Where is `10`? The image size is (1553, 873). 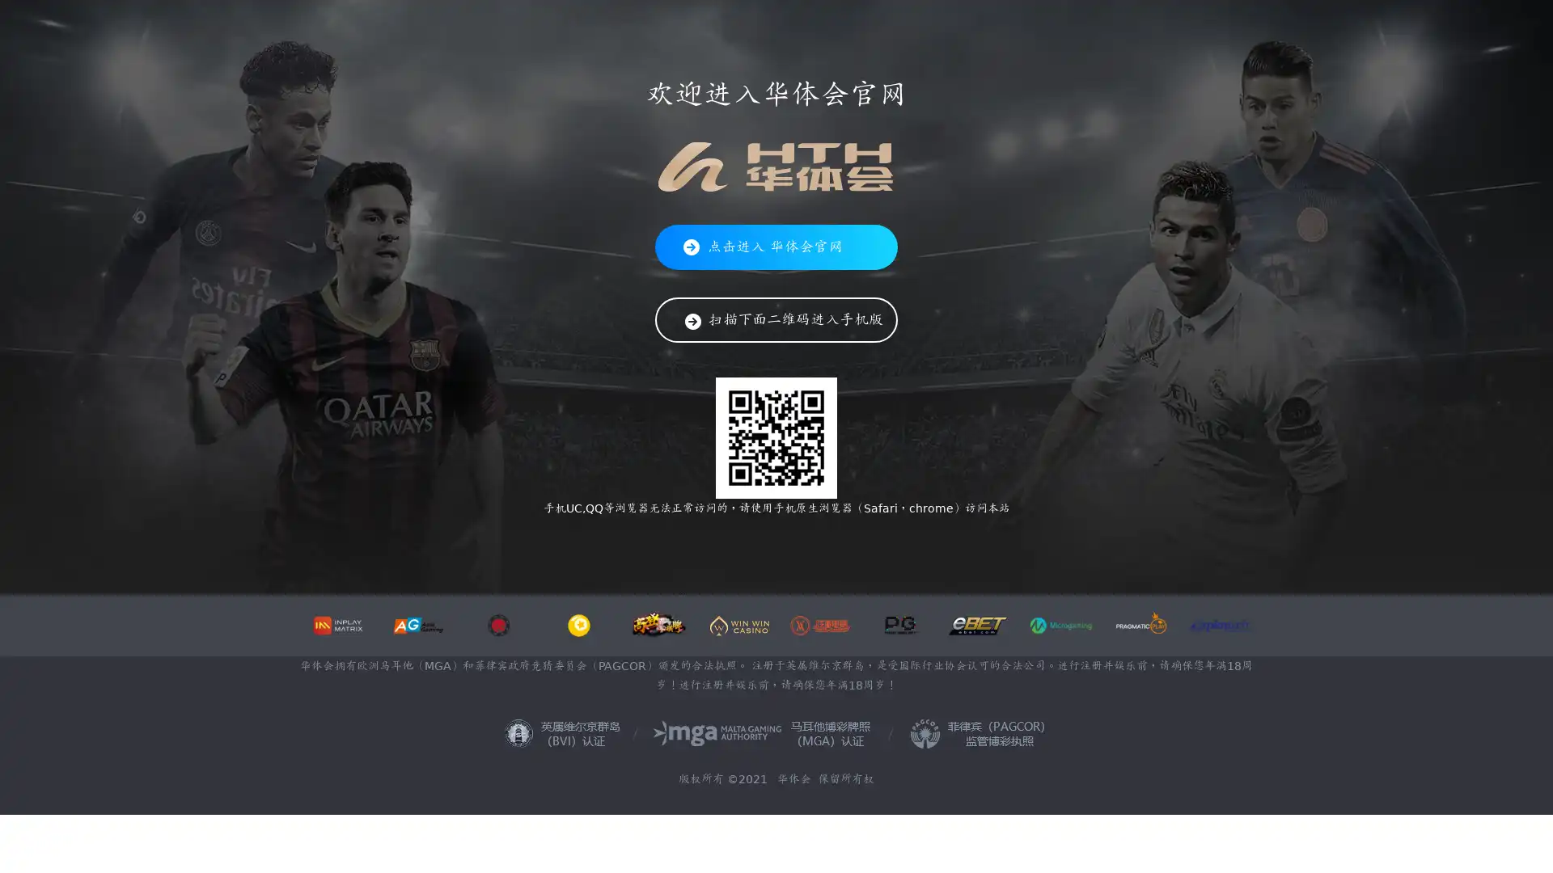
10 is located at coordinates (788, 538).